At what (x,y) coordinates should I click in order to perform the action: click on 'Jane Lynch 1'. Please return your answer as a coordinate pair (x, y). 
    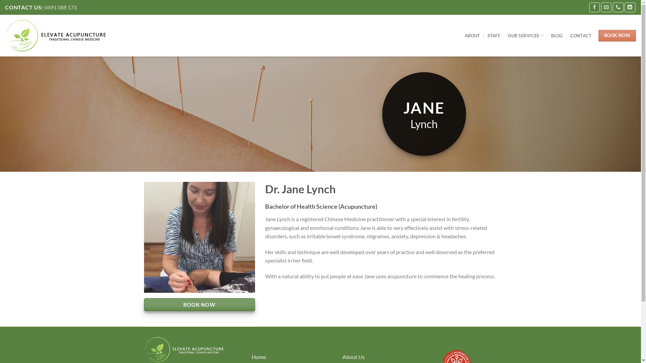
    Looking at the image, I should click on (199, 237).